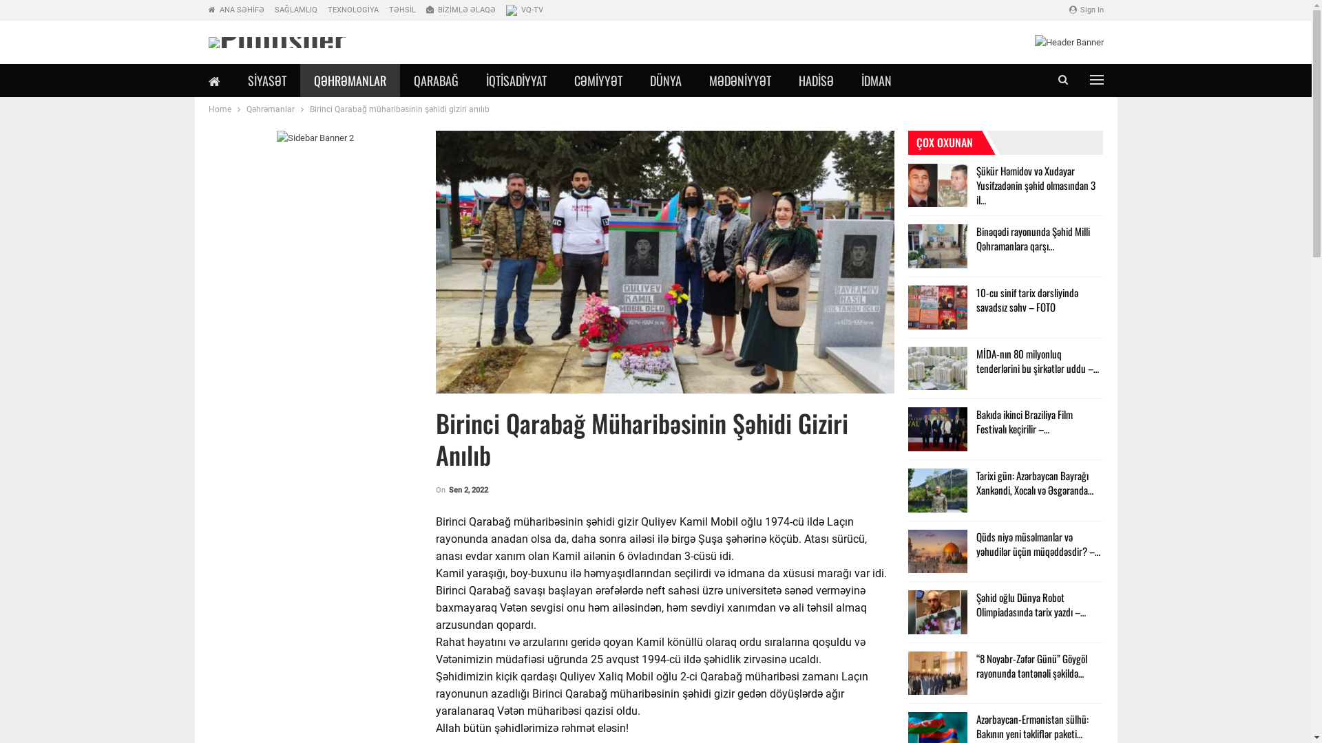 This screenshot has height=743, width=1322. Describe the element at coordinates (523, 10) in the screenshot. I see `'VQ-TV'` at that location.